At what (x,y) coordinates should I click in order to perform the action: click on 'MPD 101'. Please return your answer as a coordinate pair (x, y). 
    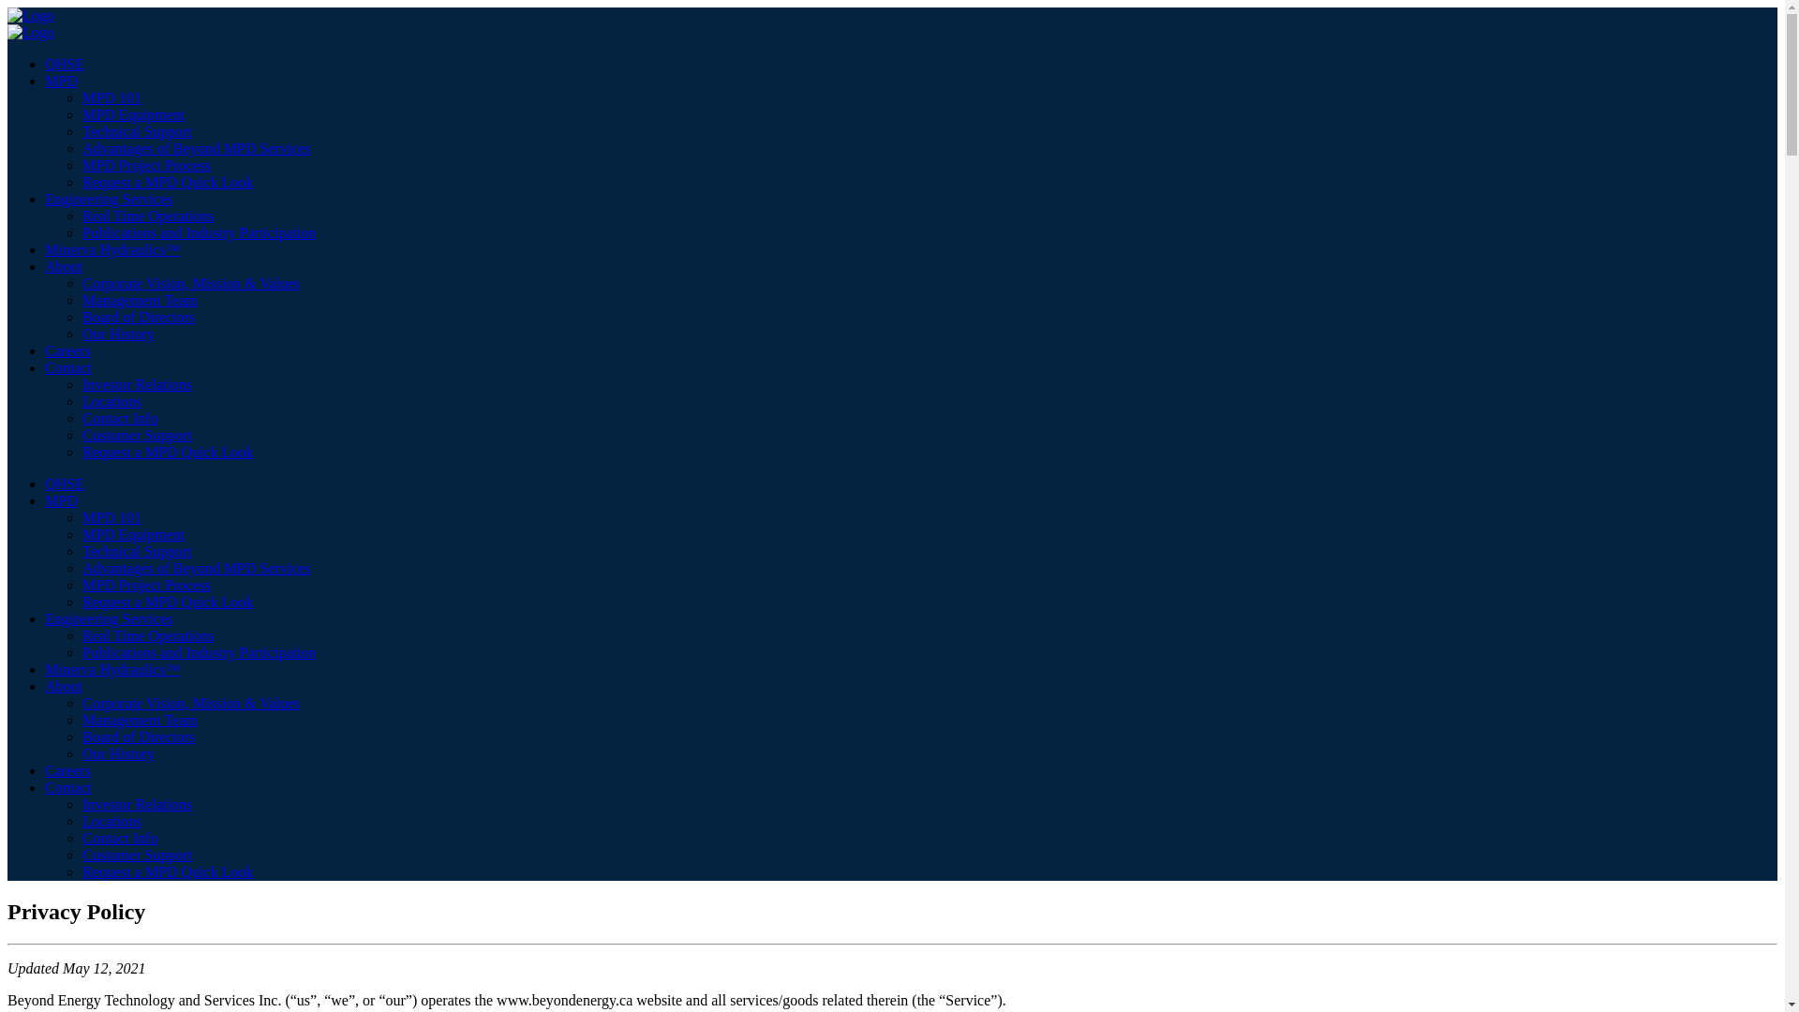
    Looking at the image, I should click on (81, 97).